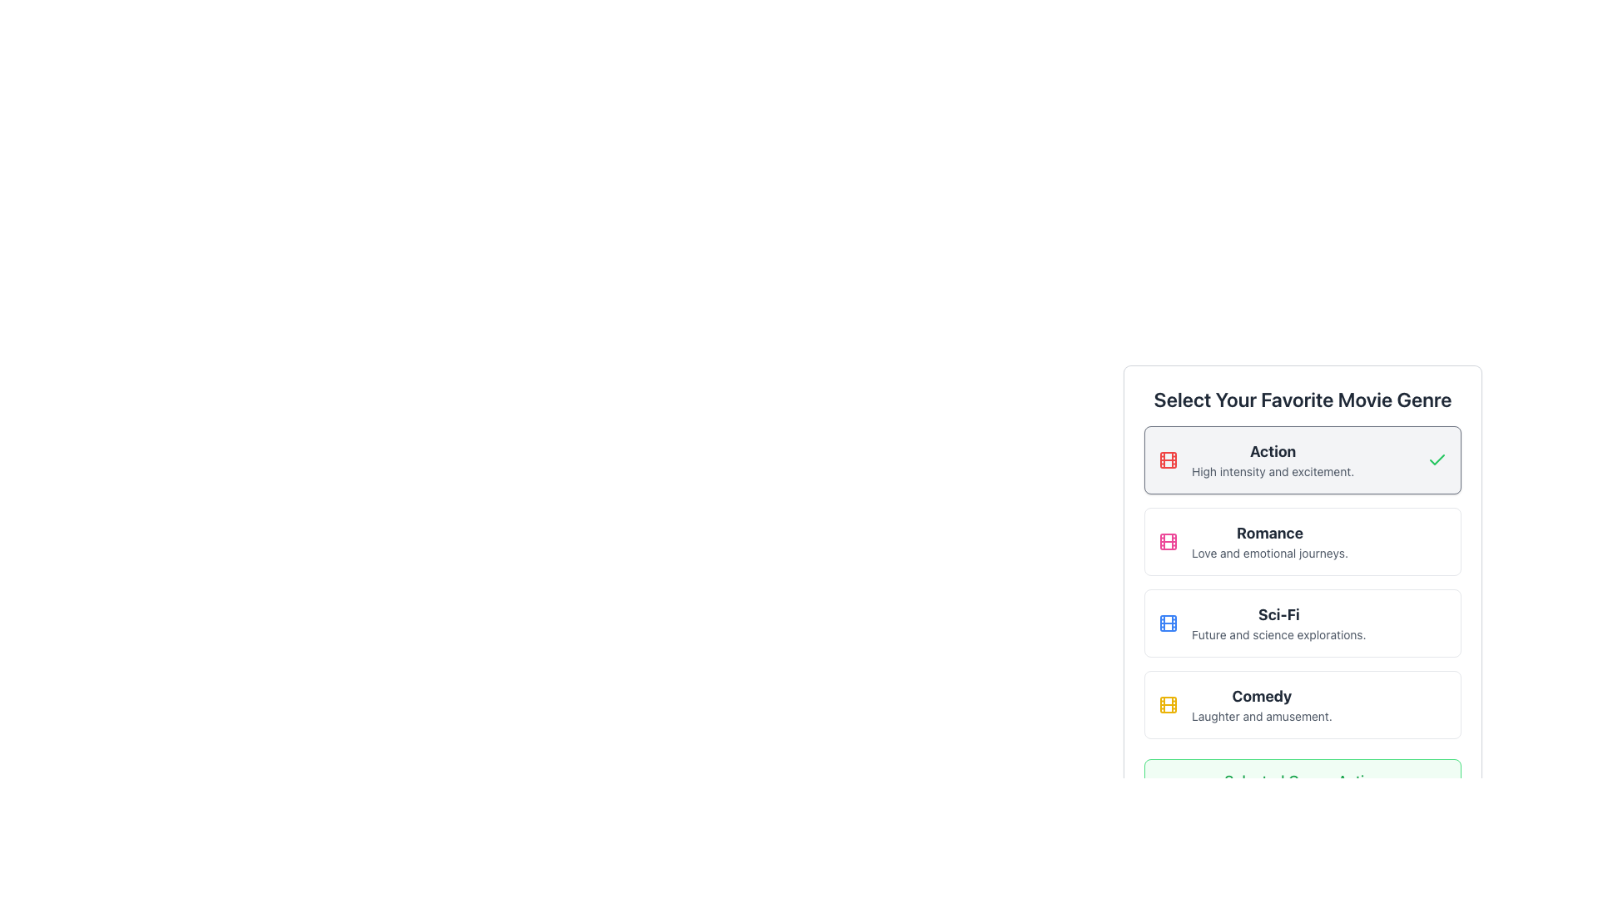 The width and height of the screenshot is (1598, 899). What do you see at coordinates (1167, 459) in the screenshot?
I see `the decorative icon representing the 'Action' genre option, which is a rectangular SVG shape with rounded corners, located to the left of the text 'Action' in the modal window` at bounding box center [1167, 459].